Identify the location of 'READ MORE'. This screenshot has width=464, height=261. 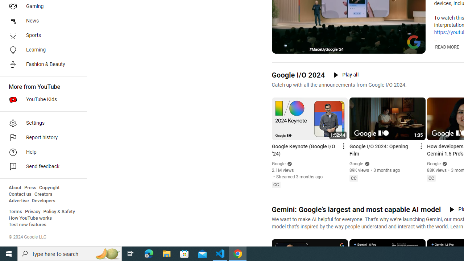
(447, 47).